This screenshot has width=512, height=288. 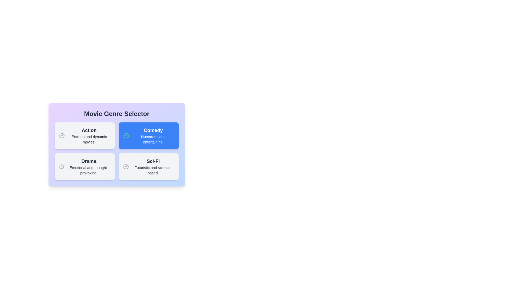 What do you see at coordinates (149, 166) in the screenshot?
I see `the description of the genre Sci-Fi and read its text` at bounding box center [149, 166].